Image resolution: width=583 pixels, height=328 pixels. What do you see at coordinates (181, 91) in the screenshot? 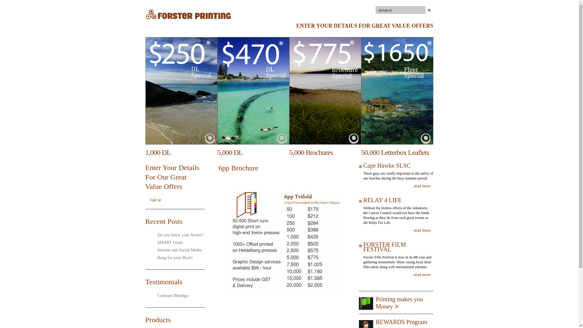
I see `'banner-img1'` at bounding box center [181, 91].